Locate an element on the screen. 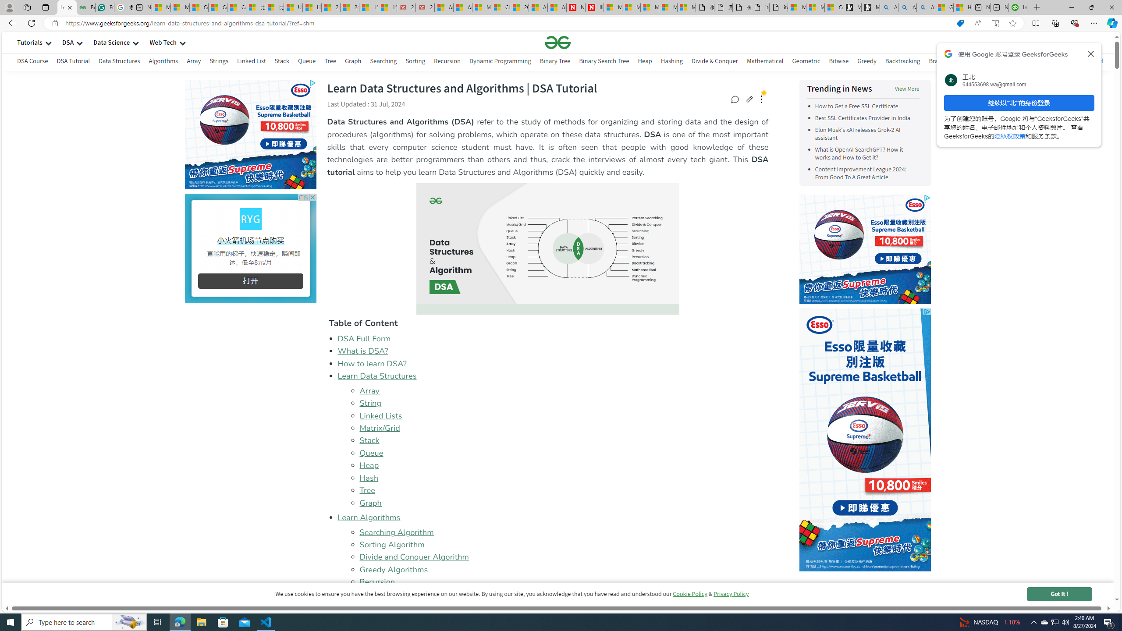 This screenshot has width=1122, height=631. 'DSA Tutorial' is located at coordinates (73, 62).